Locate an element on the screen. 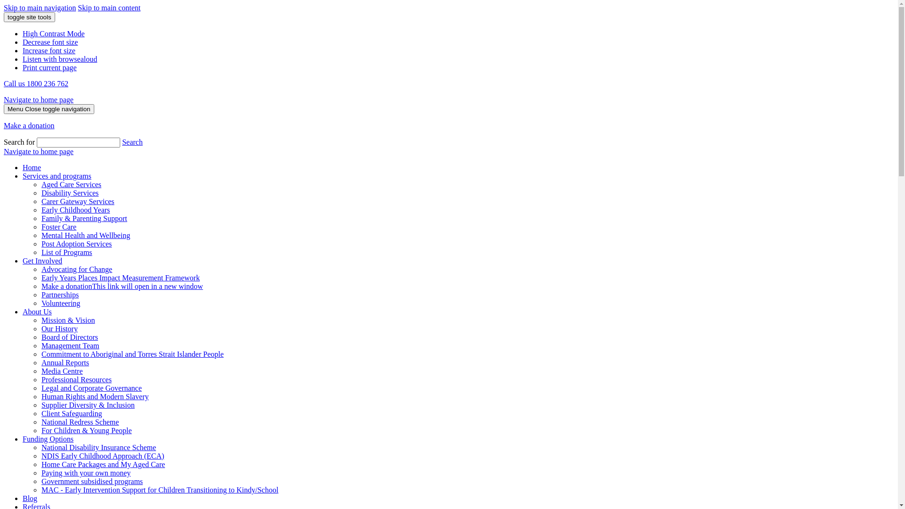 This screenshot has width=905, height=509. 'Mission & Vision' is located at coordinates (67, 320).